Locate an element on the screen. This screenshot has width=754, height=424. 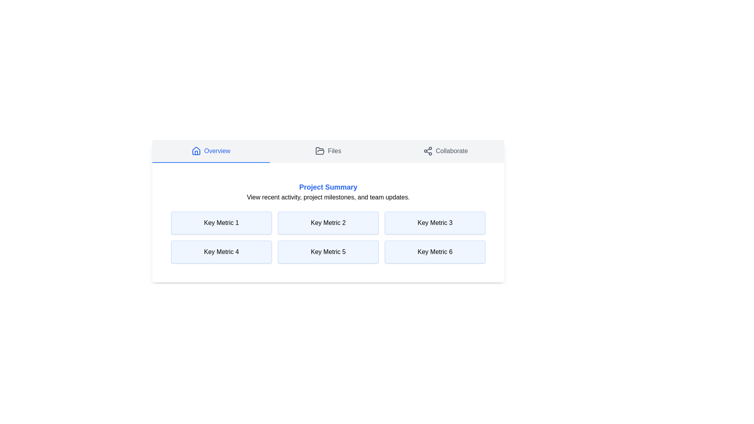
the 'Key Metric 2' interactive label, which is a rectangular button with a light blue background and black text is located at coordinates (328, 223).